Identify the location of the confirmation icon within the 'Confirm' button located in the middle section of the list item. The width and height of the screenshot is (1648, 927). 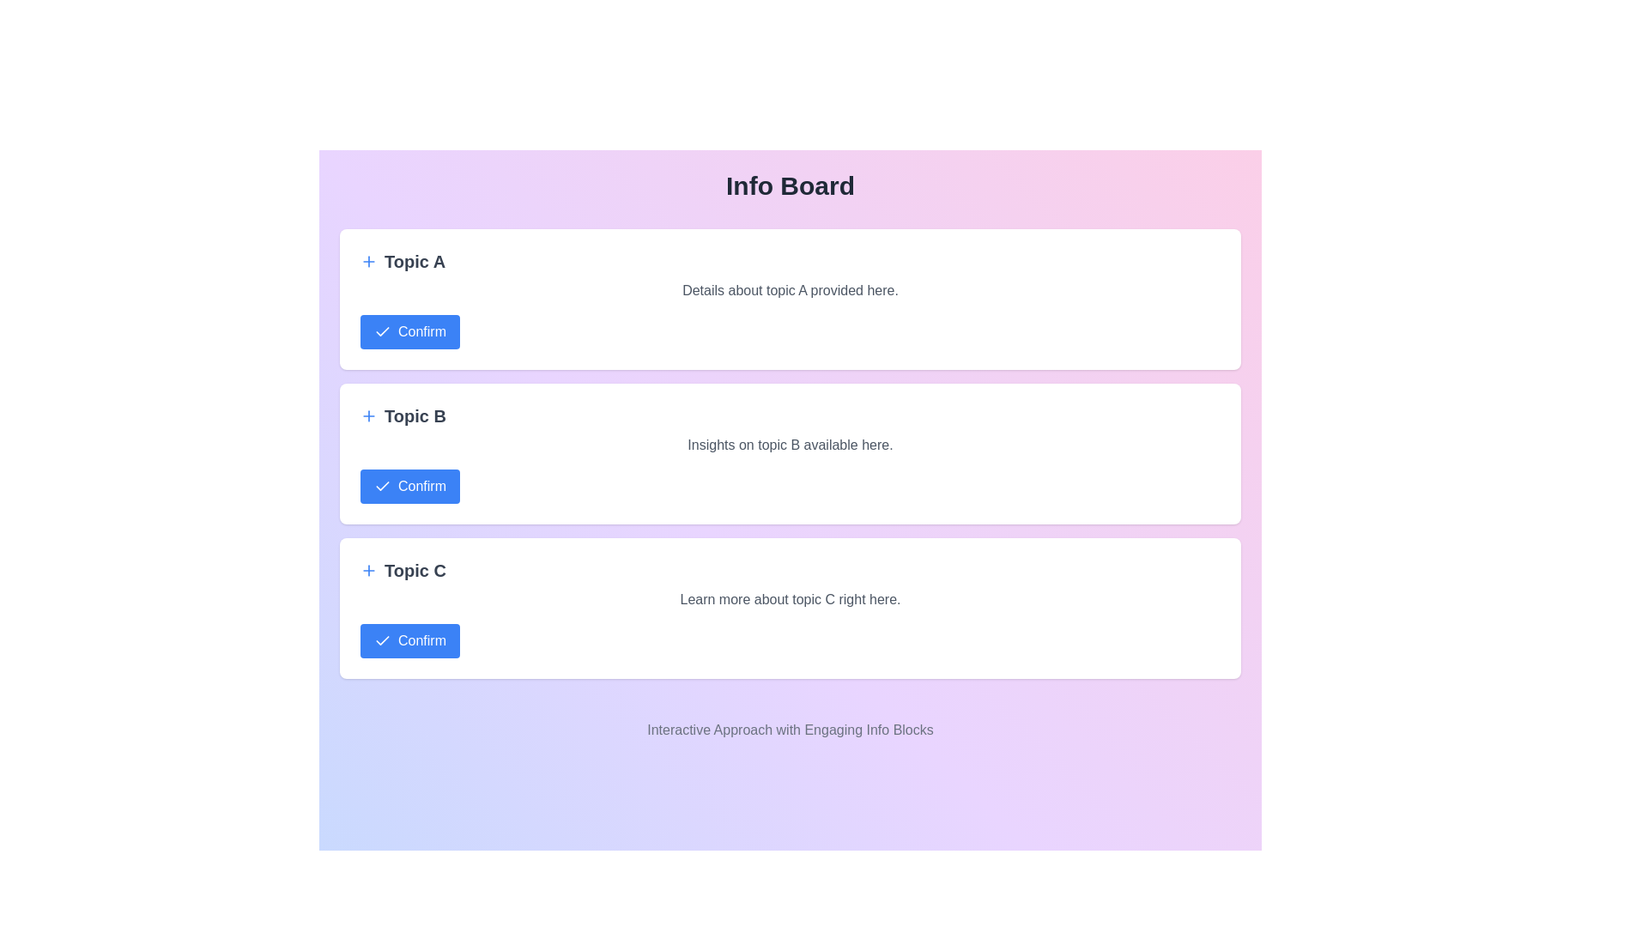
(382, 331).